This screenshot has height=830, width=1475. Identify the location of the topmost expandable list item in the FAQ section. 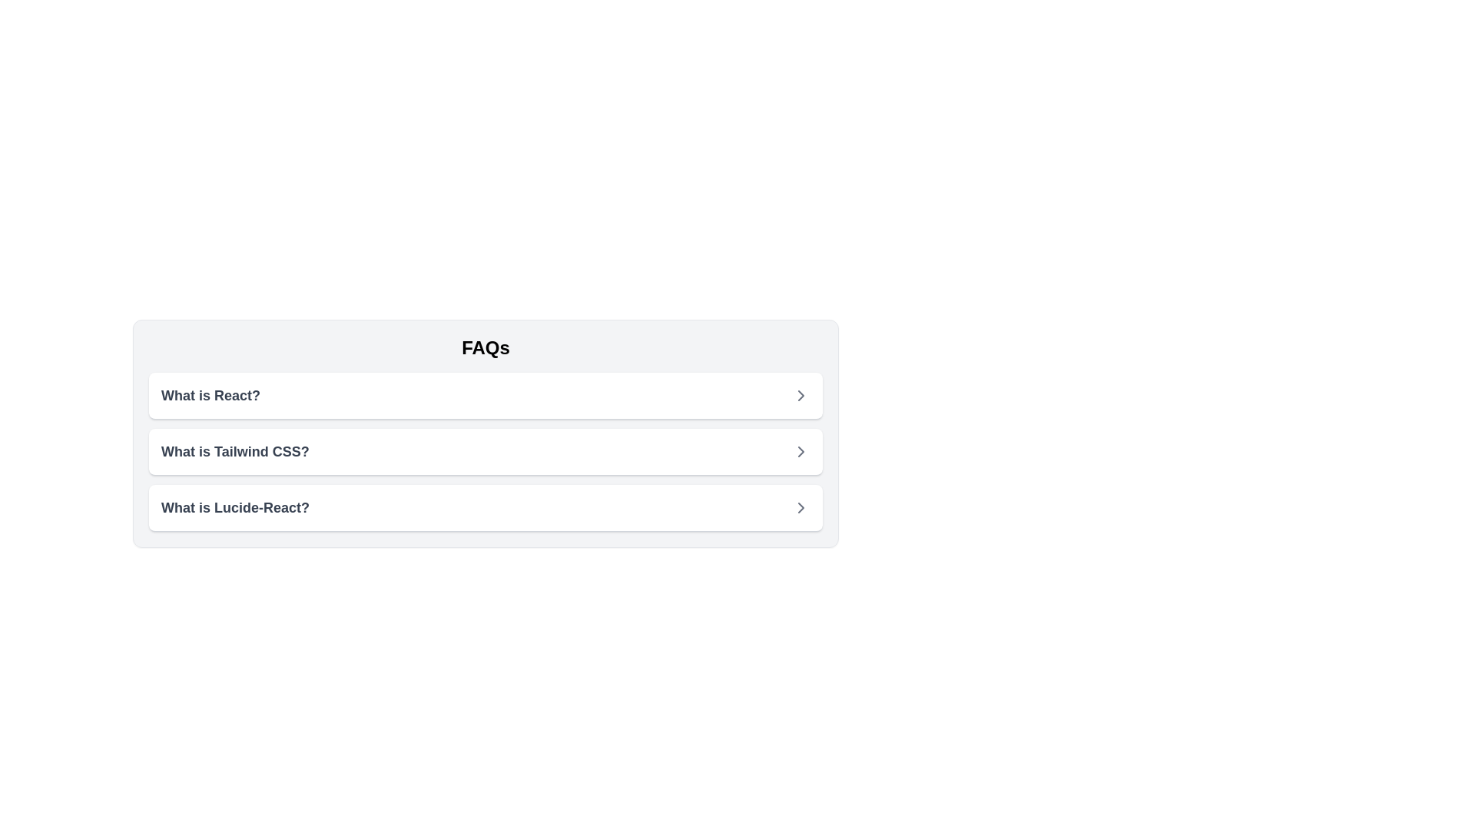
(485, 395).